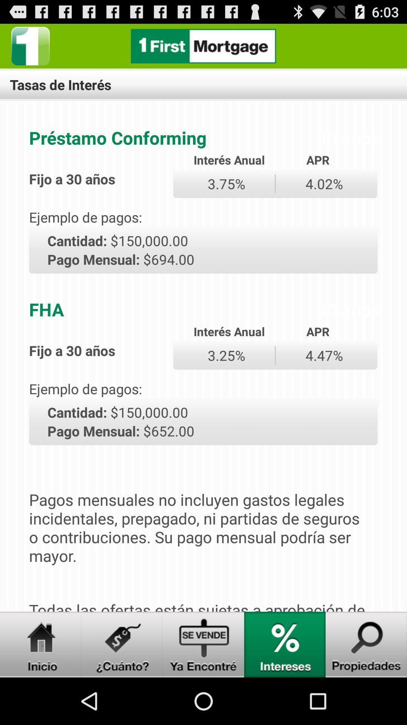 Image resolution: width=407 pixels, height=725 pixels. Describe the element at coordinates (30, 46) in the screenshot. I see `company logo` at that location.